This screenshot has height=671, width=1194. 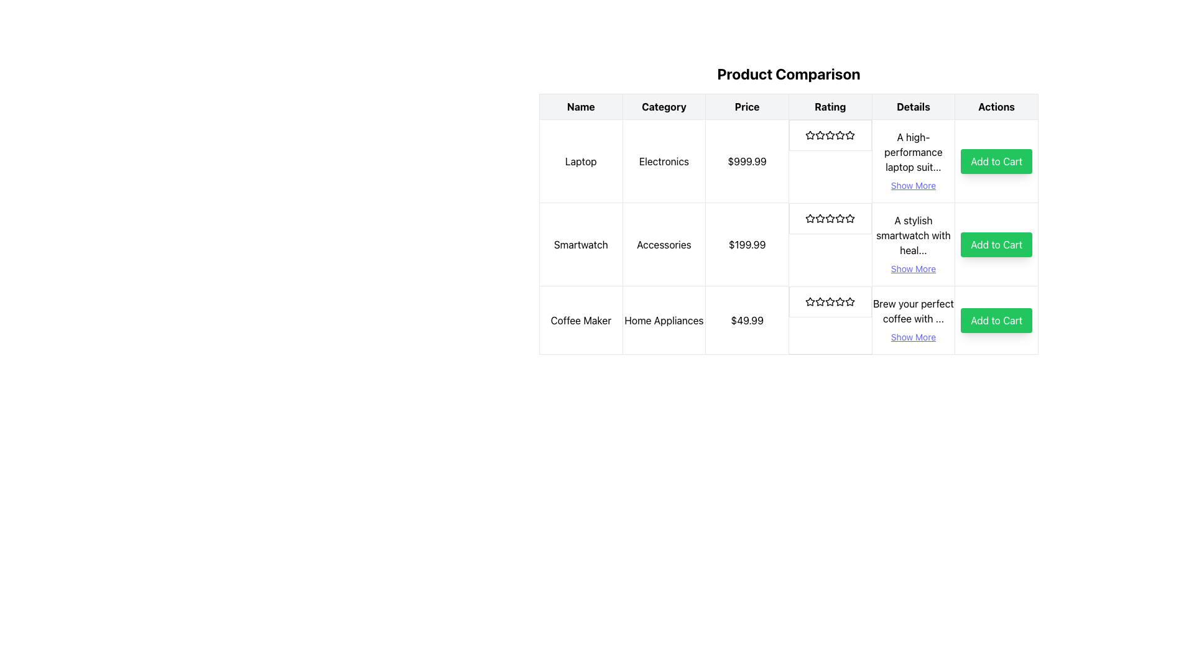 What do you see at coordinates (830, 301) in the screenshot?
I see `the third rating star in the 'Rating' column of the 'Product Comparison' table for the 'Coffee Maker' row` at bounding box center [830, 301].